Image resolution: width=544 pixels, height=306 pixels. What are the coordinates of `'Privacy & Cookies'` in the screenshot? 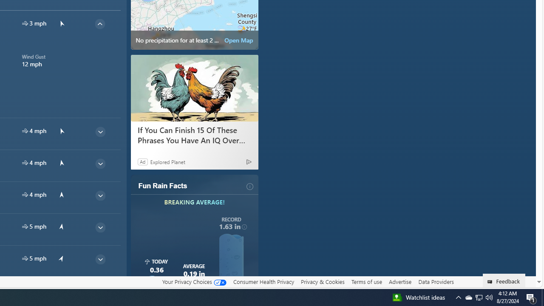 It's located at (322, 281).